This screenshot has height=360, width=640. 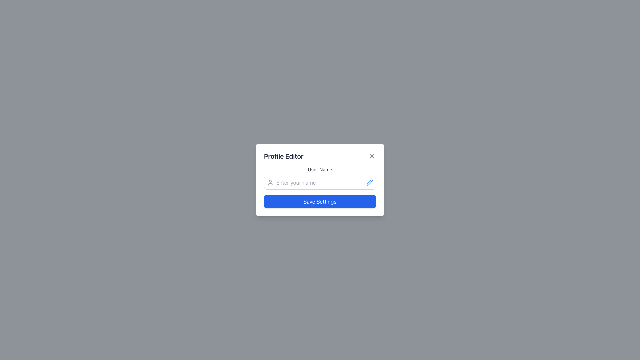 What do you see at coordinates (284, 156) in the screenshot?
I see `the Text Label element that serves as a title for the profile editor modal, located in the top-left corner adjacent to the close button` at bounding box center [284, 156].